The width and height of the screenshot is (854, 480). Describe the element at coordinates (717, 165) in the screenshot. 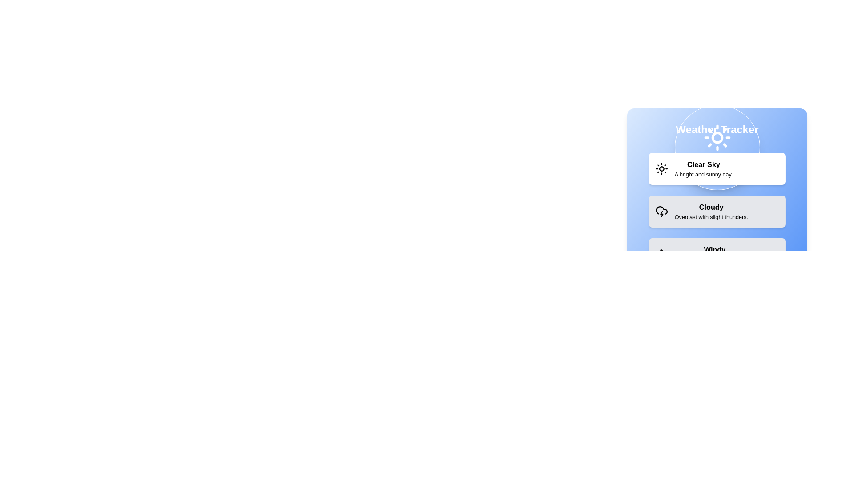

I see `text label that describes the current weather condition, which is 'Clear Sky', located below the sun icon in the weather summary card` at that location.